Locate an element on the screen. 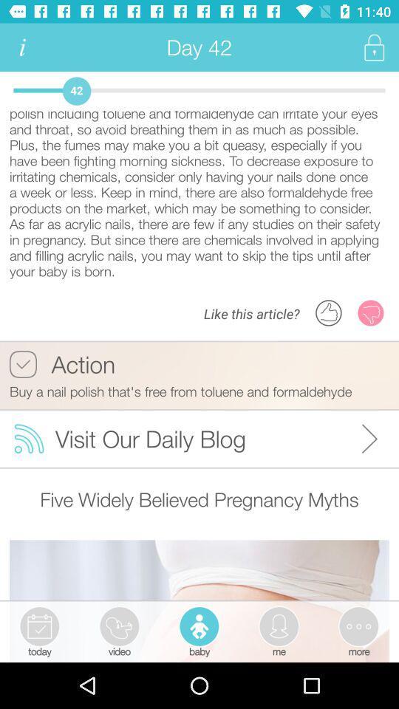  thanks to your is located at coordinates (199, 194).